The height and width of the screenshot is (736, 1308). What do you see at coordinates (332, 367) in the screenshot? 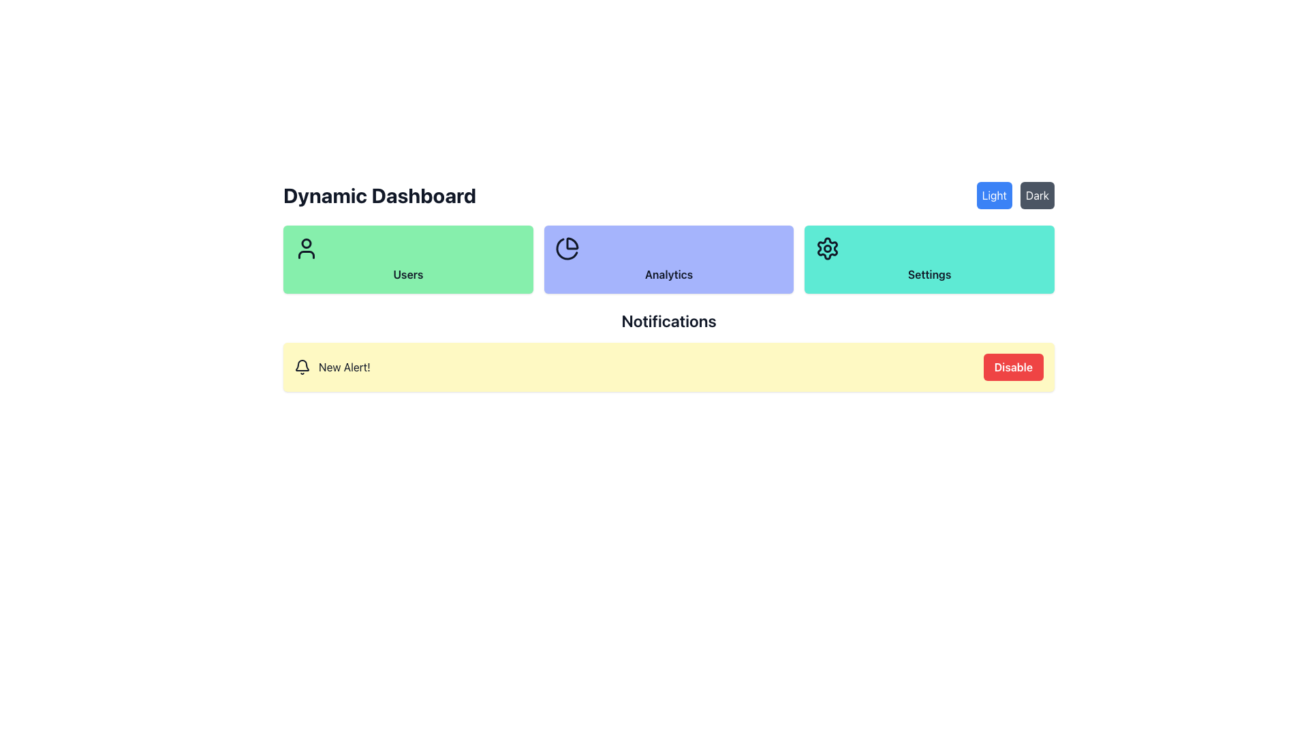
I see `the notification component that displays the text 'New Alert!' in bold black font, accompanied by a bell icon on its left side, set against a light yellow background` at bounding box center [332, 367].